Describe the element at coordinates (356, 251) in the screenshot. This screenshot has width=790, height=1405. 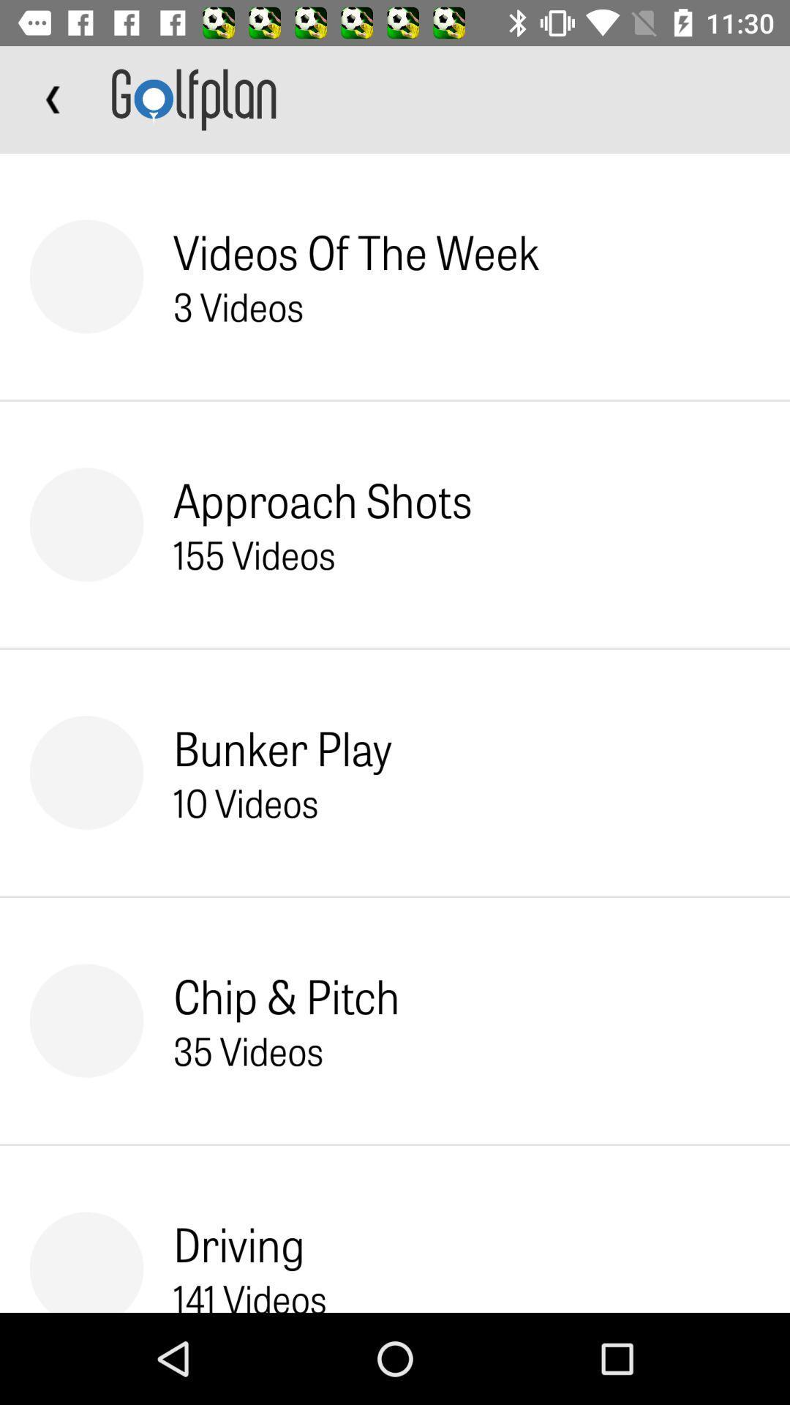
I see `the item above 3 videos` at that location.